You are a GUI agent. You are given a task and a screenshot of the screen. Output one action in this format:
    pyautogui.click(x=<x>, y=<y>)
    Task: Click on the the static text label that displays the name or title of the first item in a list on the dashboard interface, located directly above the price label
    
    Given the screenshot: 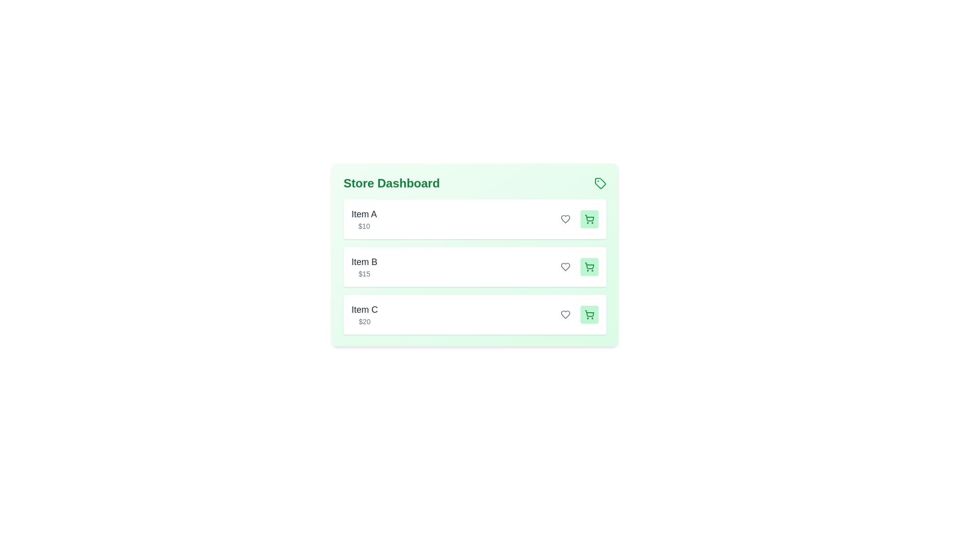 What is the action you would take?
    pyautogui.click(x=363, y=214)
    